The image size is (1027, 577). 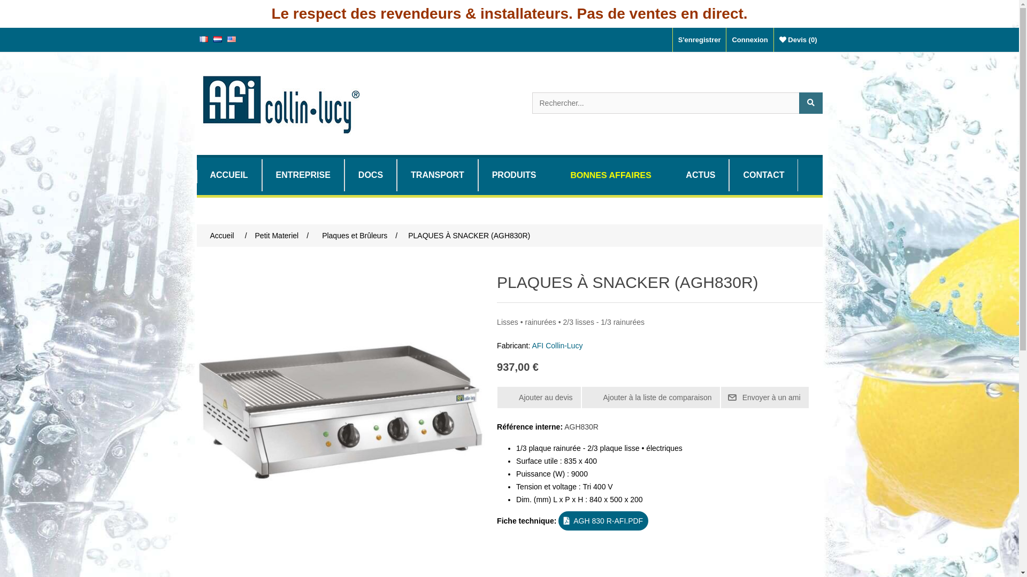 I want to click on 'Petit Materiel', so click(x=277, y=235).